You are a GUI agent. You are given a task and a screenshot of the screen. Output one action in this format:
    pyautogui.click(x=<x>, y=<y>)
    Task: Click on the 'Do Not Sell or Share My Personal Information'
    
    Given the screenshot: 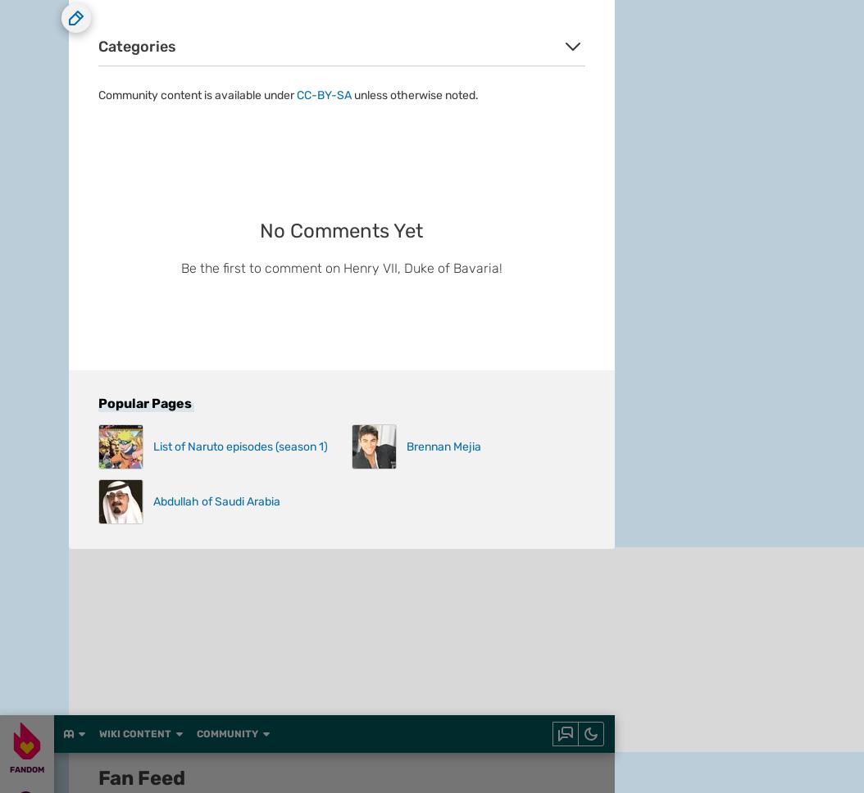 What is the action you would take?
    pyautogui.click(x=354, y=446)
    